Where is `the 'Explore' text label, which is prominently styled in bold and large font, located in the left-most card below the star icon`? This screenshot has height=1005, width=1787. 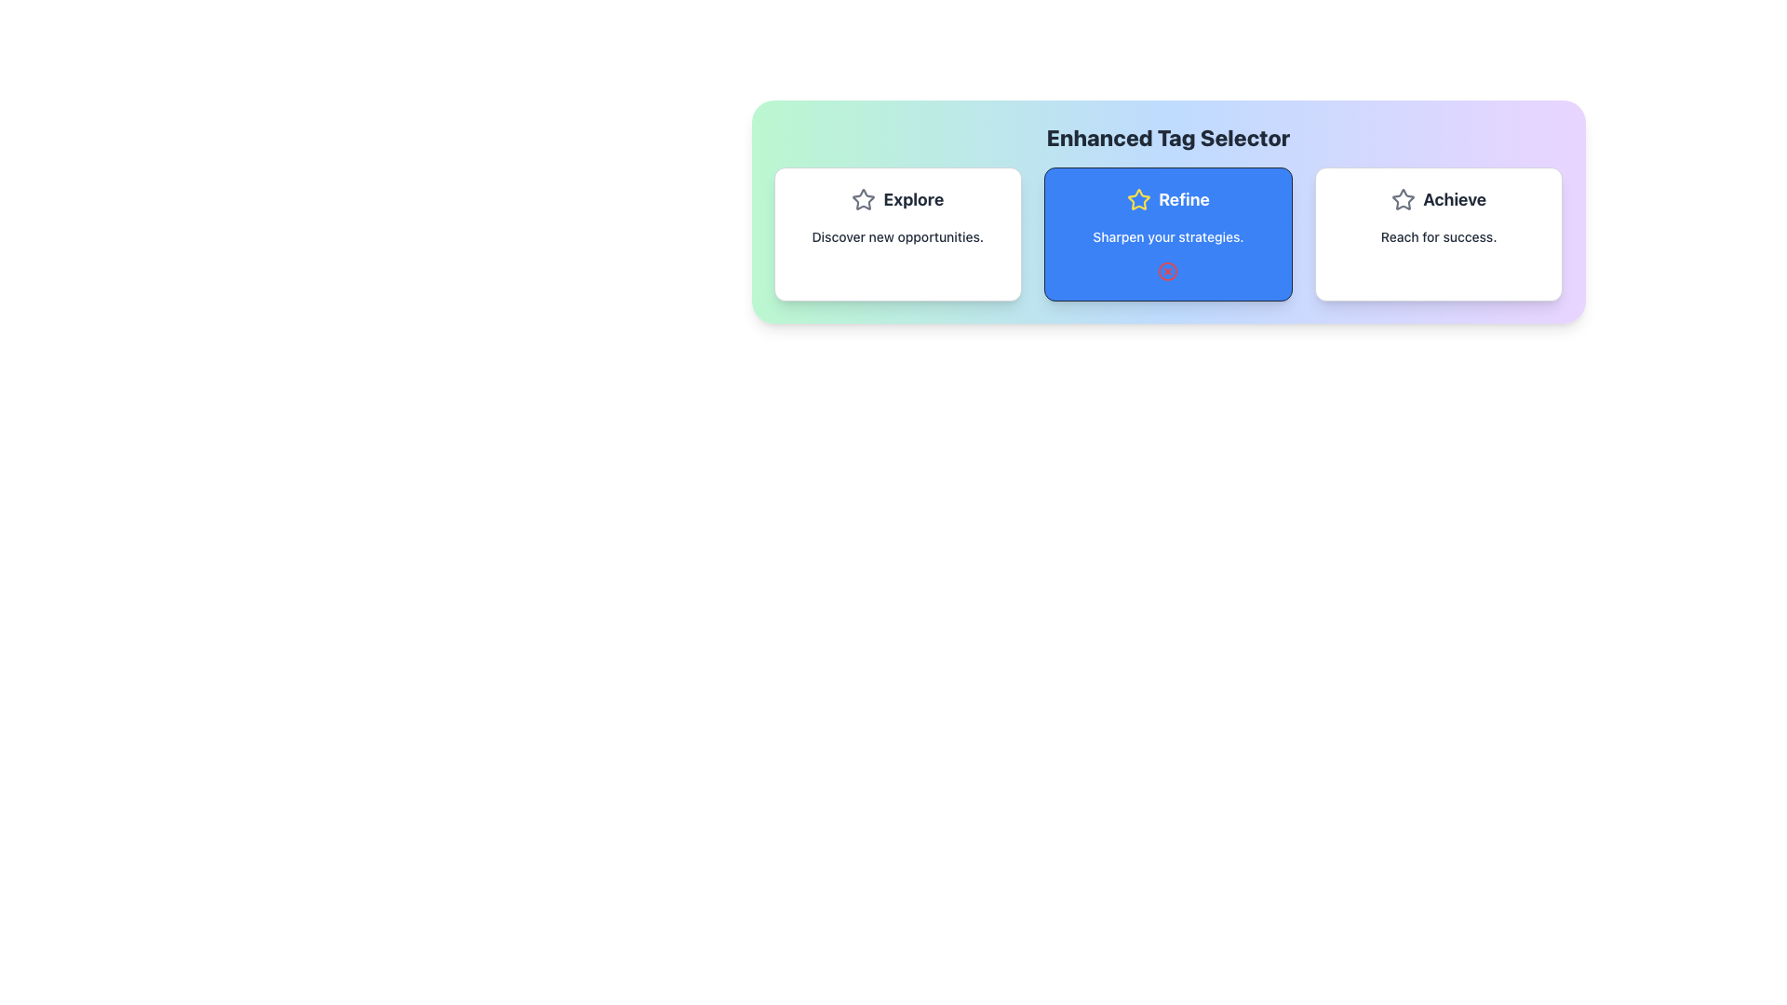 the 'Explore' text label, which is prominently styled in bold and large font, located in the left-most card below the star icon is located at coordinates (913, 200).